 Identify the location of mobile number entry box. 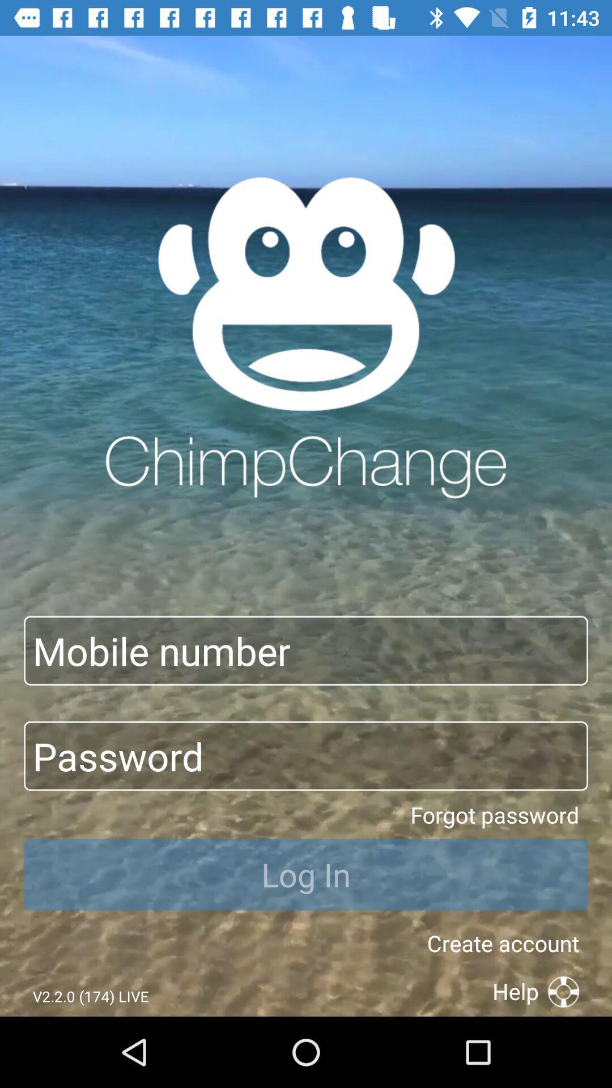
(306, 651).